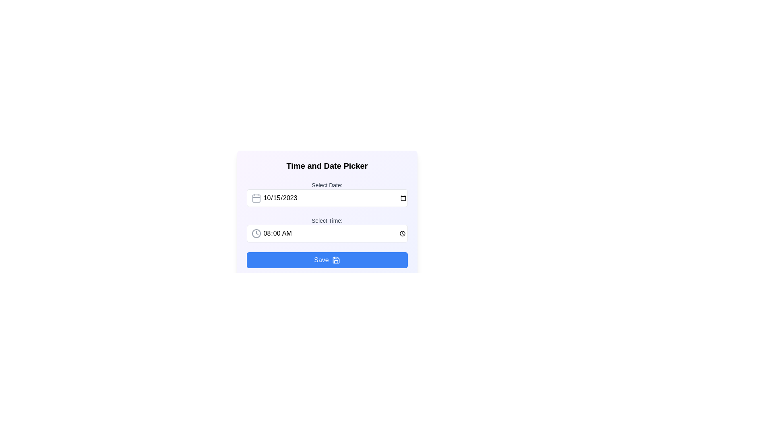  Describe the element at coordinates (336, 260) in the screenshot. I see `the save icon resembling a diskette, which is part of the blue 'Save' button located to the right of the button's text label` at that location.